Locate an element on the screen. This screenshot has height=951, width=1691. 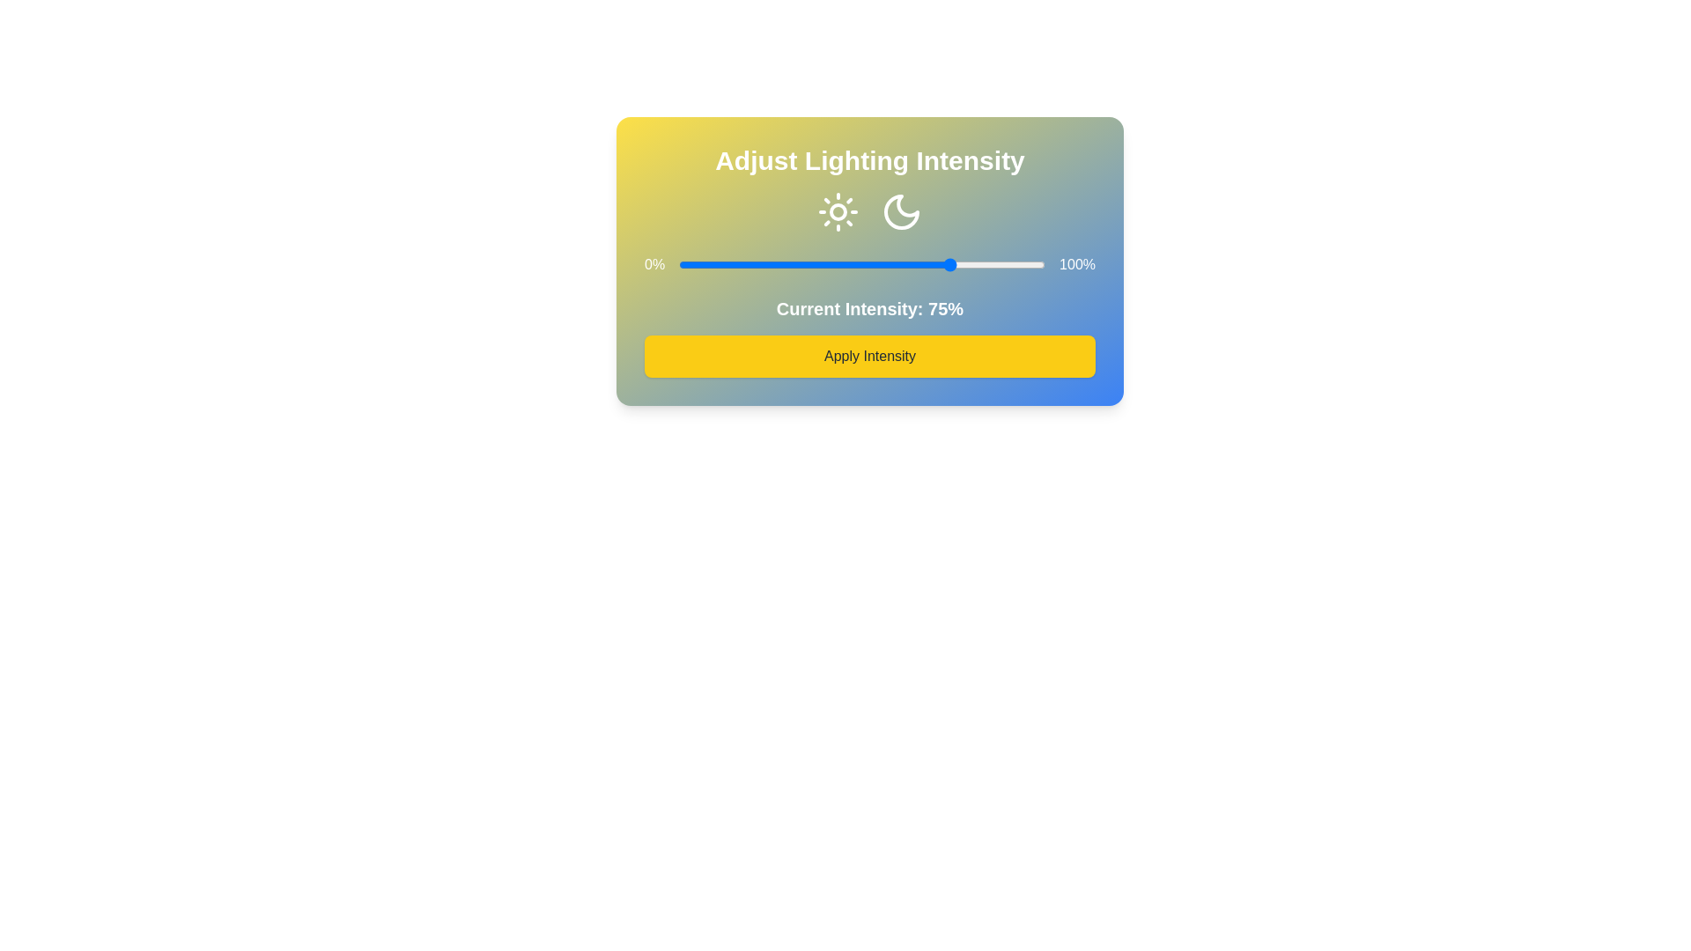
the light intensity to 5% by moving the slider is located at coordinates (696, 264).